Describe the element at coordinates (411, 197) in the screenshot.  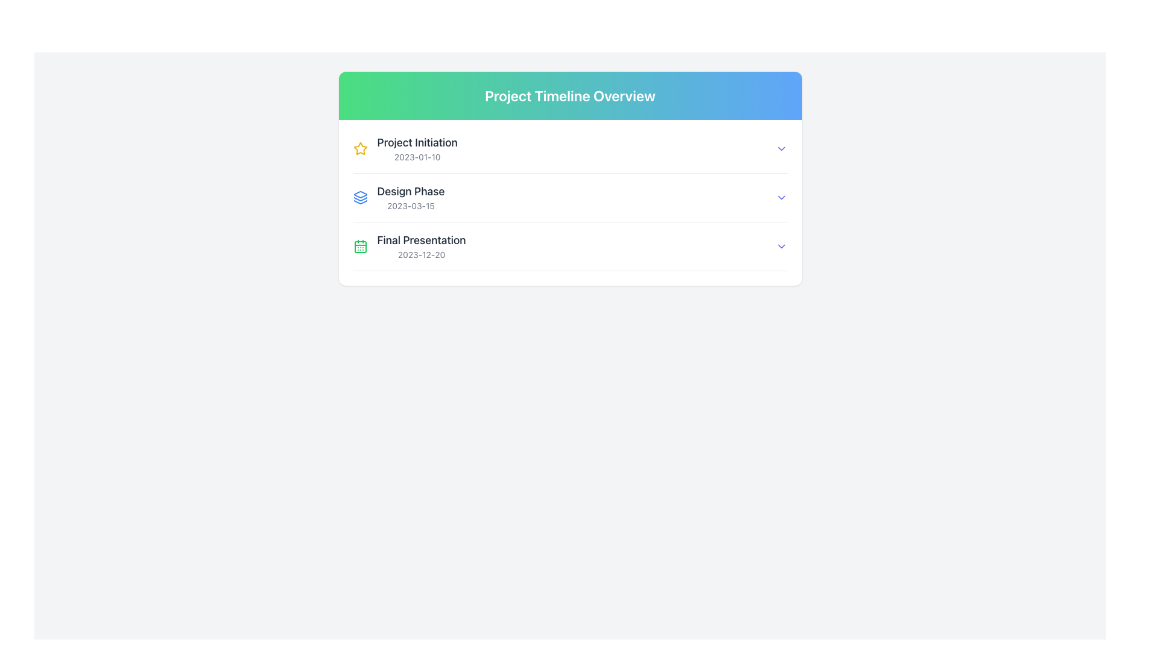
I see `the text block displaying the phase title 'Design Phase' with the date '2023-03-15' in the 'Project Timeline Overview' section, located in the second row of the timeline` at that location.